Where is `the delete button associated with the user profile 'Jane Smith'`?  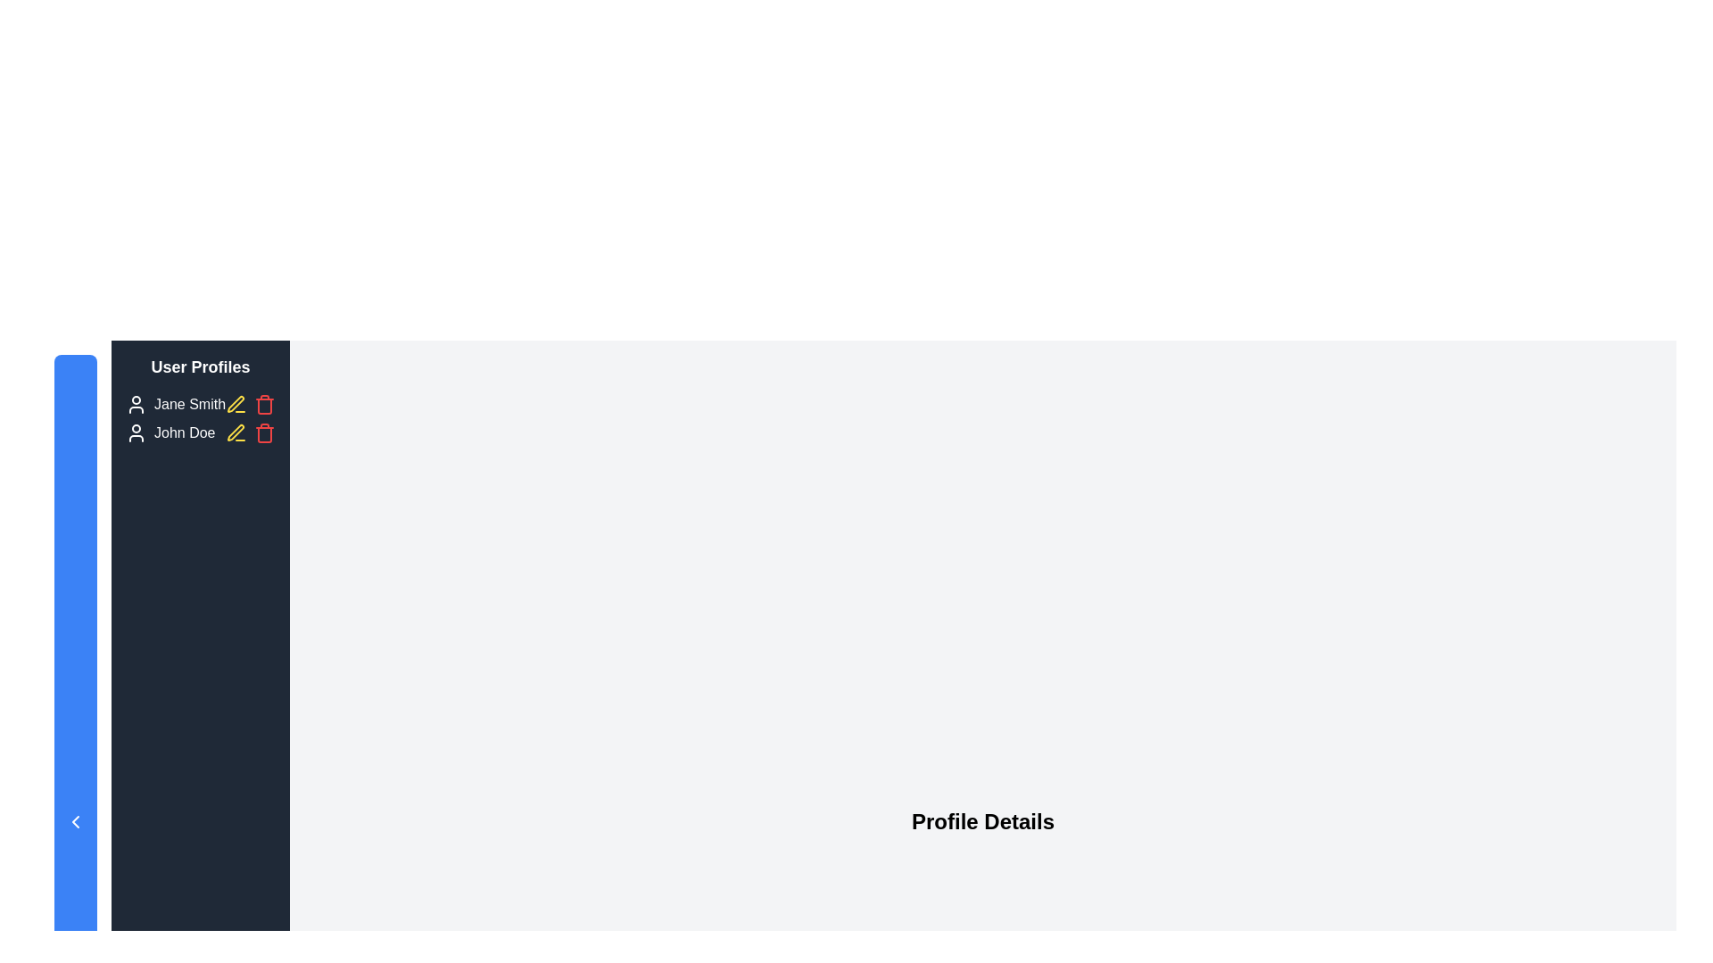
the delete button associated with the user profile 'Jane Smith' is located at coordinates (250, 405).